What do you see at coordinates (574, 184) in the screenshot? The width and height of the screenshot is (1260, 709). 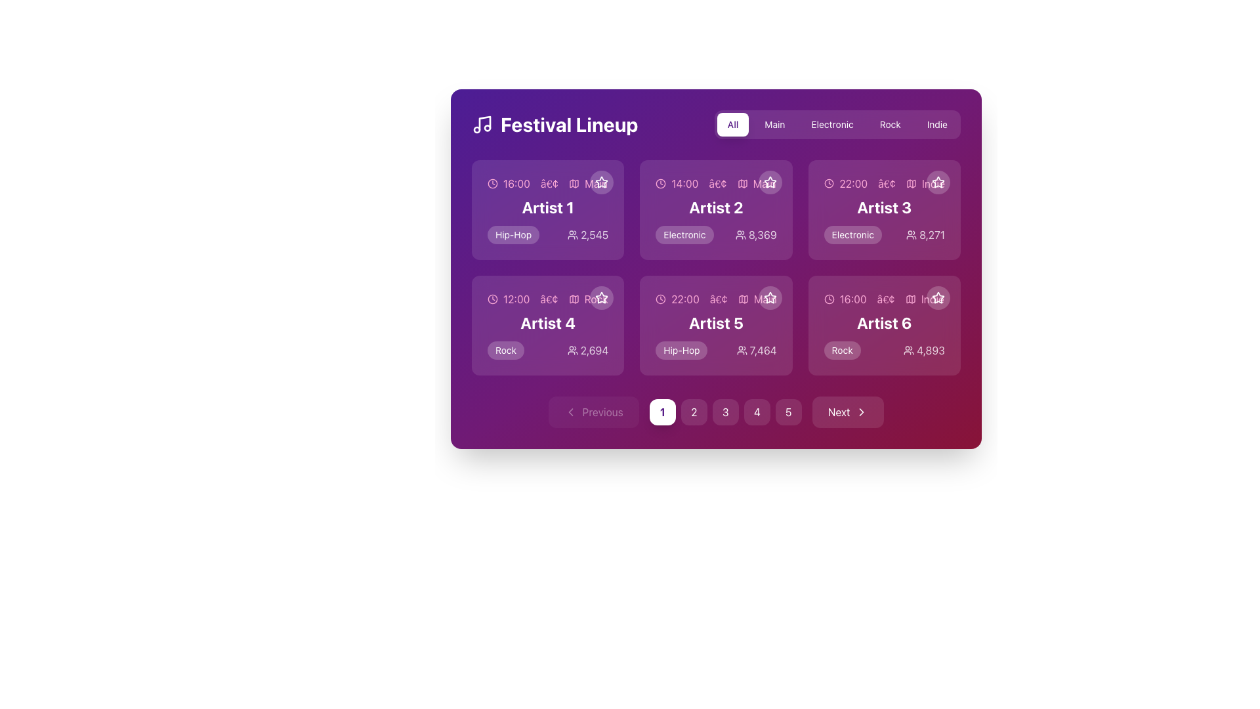 I see `map feature icon located in the top-right corner of the 'Artist 1' information card` at bounding box center [574, 184].